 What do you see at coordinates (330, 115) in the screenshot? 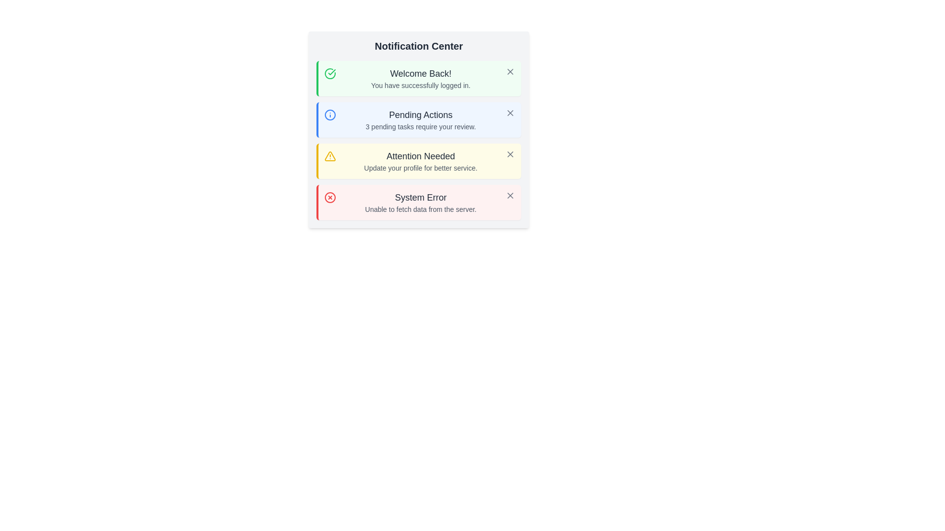
I see `the SVG Circle graphic located within the second notification labeled 'Pending Actions'` at bounding box center [330, 115].